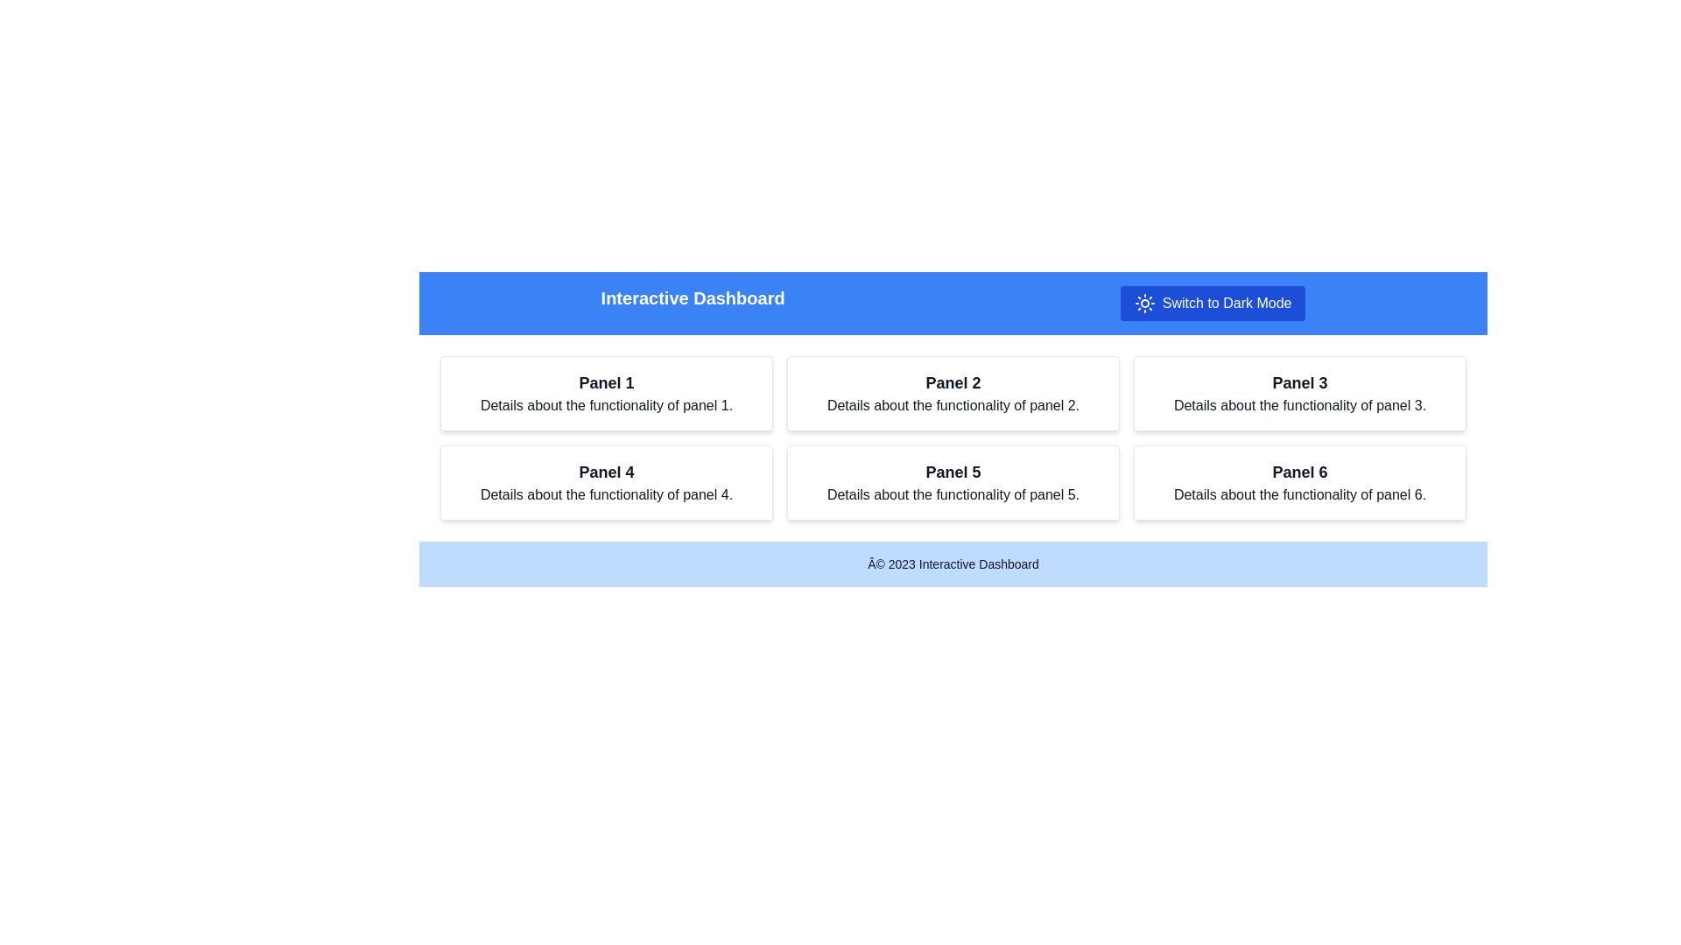  Describe the element at coordinates (953, 495) in the screenshot. I see `descriptive text element that says 'Details about the functionality of panel 5.' which is located beneath the title 'Panel 5.' in the center panel of the second row` at that location.